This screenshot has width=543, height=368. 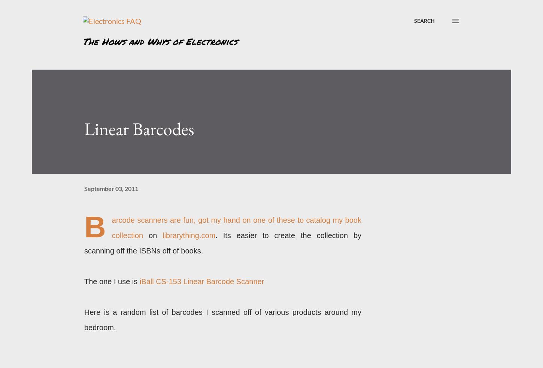 What do you see at coordinates (111, 228) in the screenshot?
I see `'my book collection'` at bounding box center [111, 228].